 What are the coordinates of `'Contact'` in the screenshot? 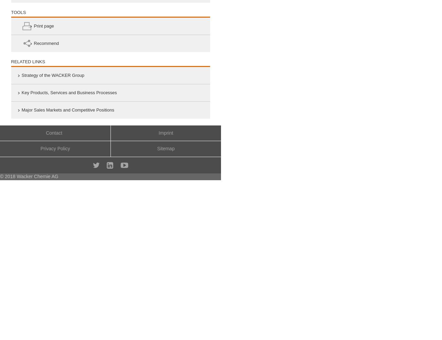 It's located at (53, 133).